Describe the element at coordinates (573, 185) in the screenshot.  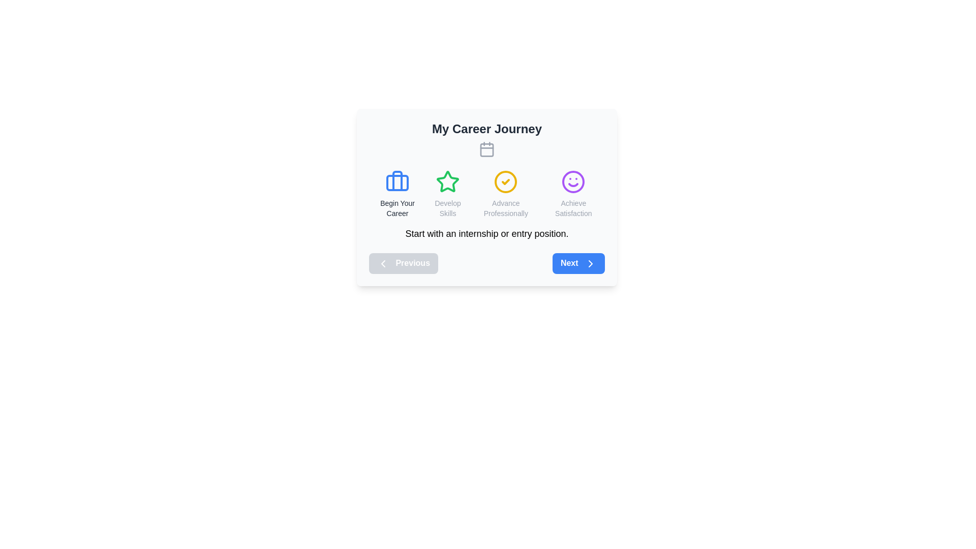
I see `the purple curved line representing a smile in the SVG graphic, part of the smiling face icon within the 'My Career Journey' card overlay` at that location.